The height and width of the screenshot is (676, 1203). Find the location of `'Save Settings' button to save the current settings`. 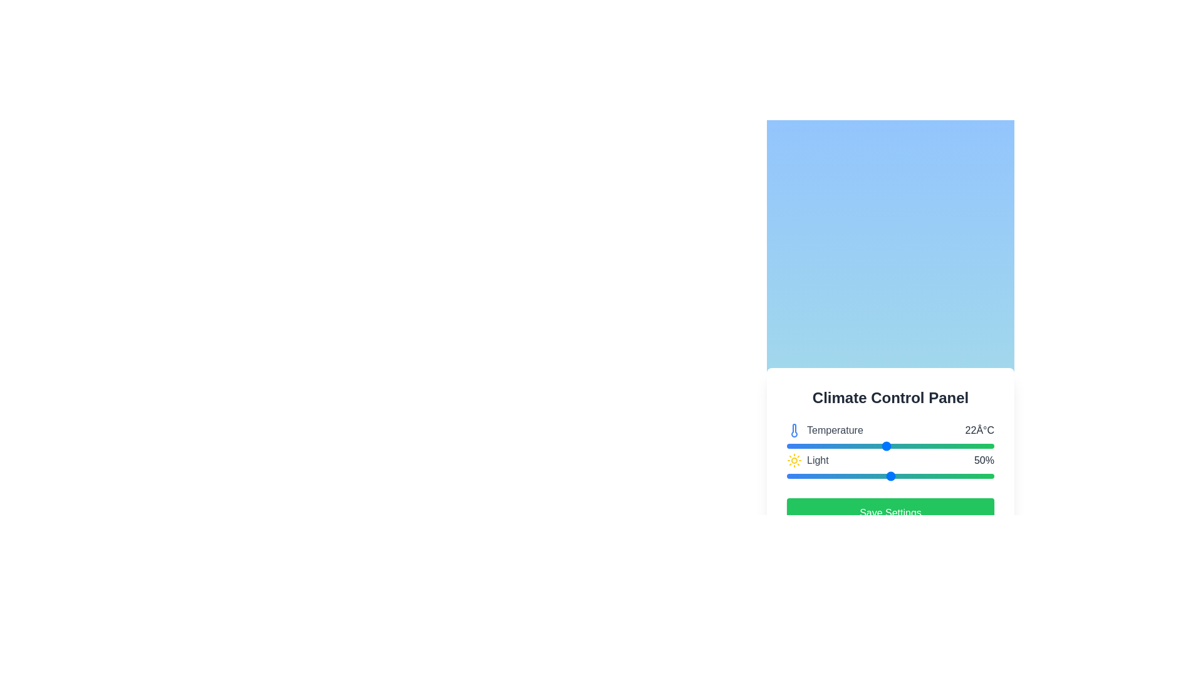

'Save Settings' button to save the current settings is located at coordinates (890, 513).